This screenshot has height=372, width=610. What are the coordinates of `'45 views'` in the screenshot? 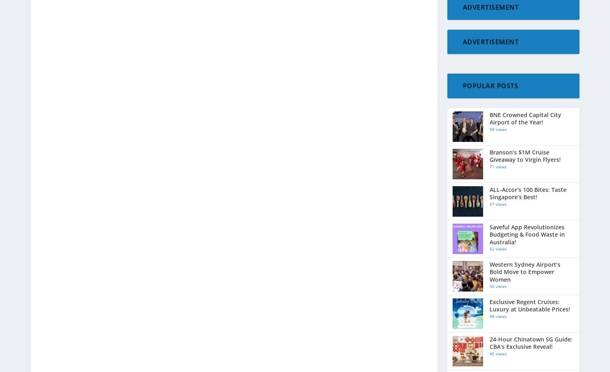 It's located at (489, 353).